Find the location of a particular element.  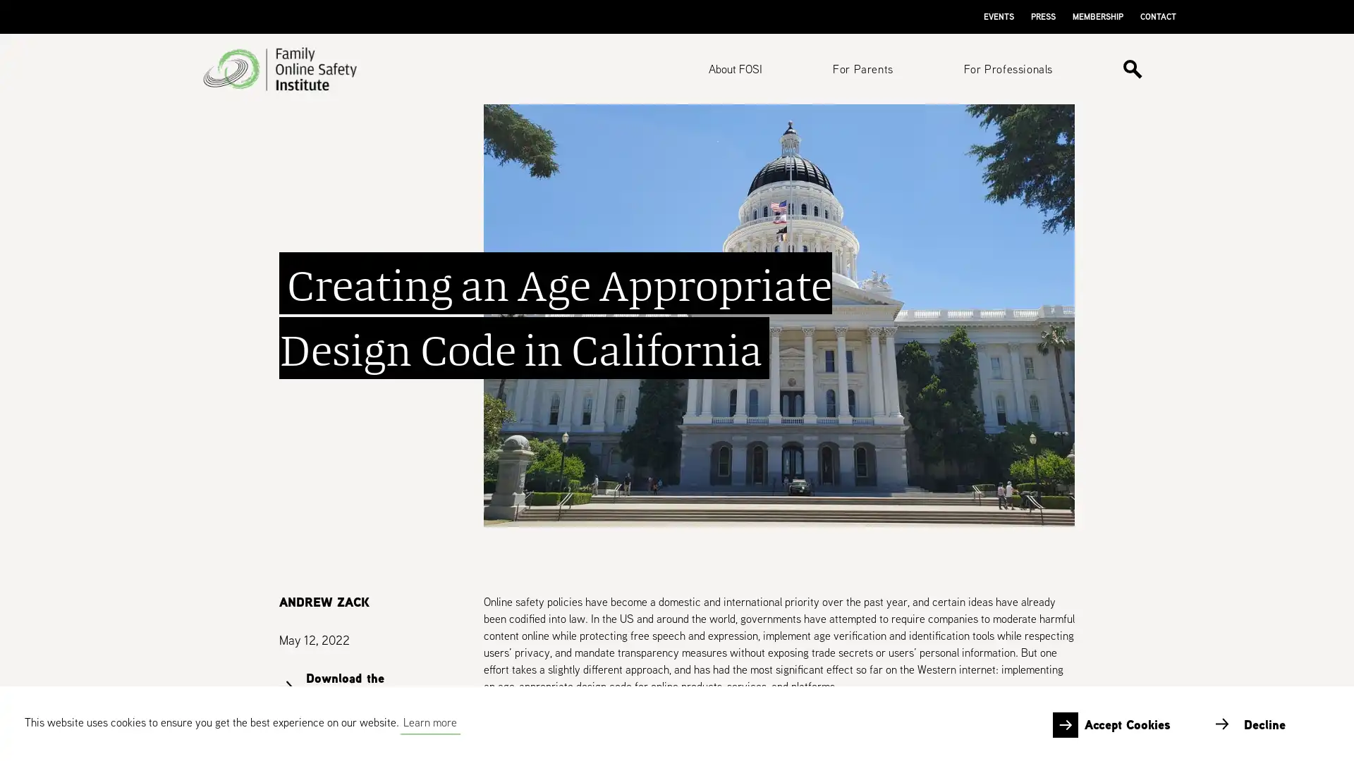

allow cookies is located at coordinates (1111, 723).